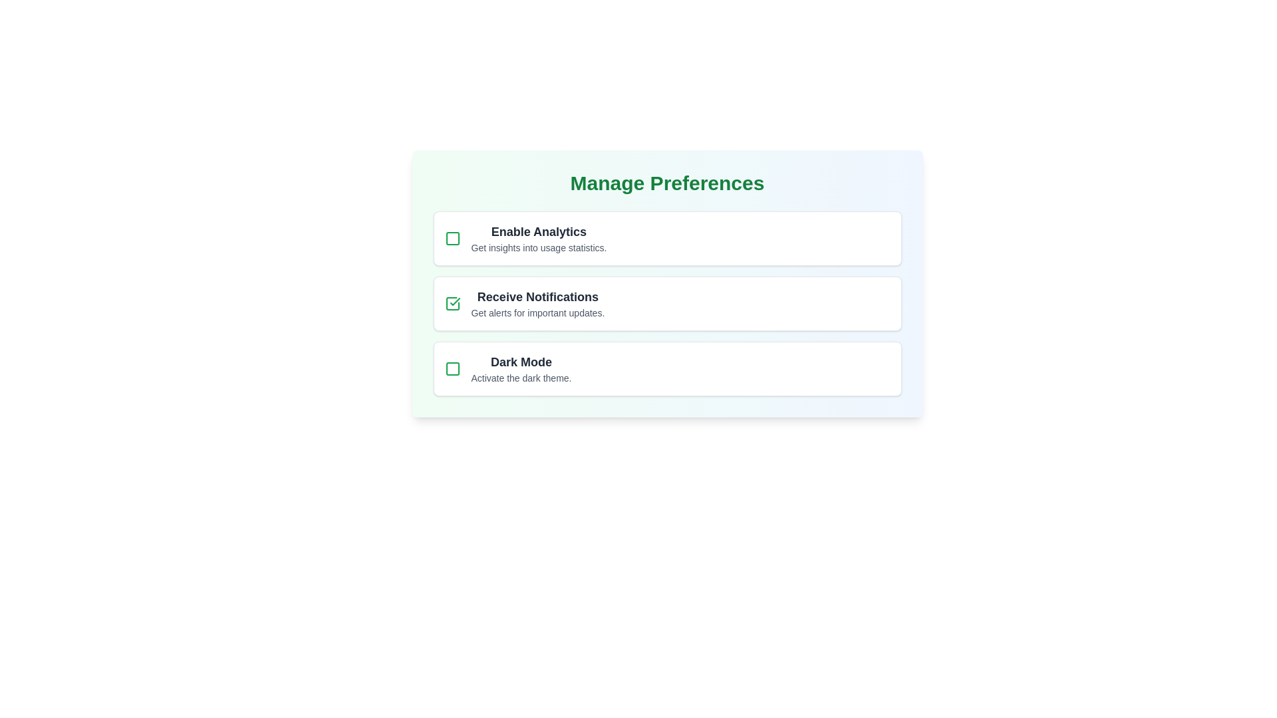 The image size is (1277, 718). Describe the element at coordinates (539, 237) in the screenshot. I see `the label that describes the 'Enable Analytics' option, which provides information about its functionality and is positioned at the top of the settings options` at that location.